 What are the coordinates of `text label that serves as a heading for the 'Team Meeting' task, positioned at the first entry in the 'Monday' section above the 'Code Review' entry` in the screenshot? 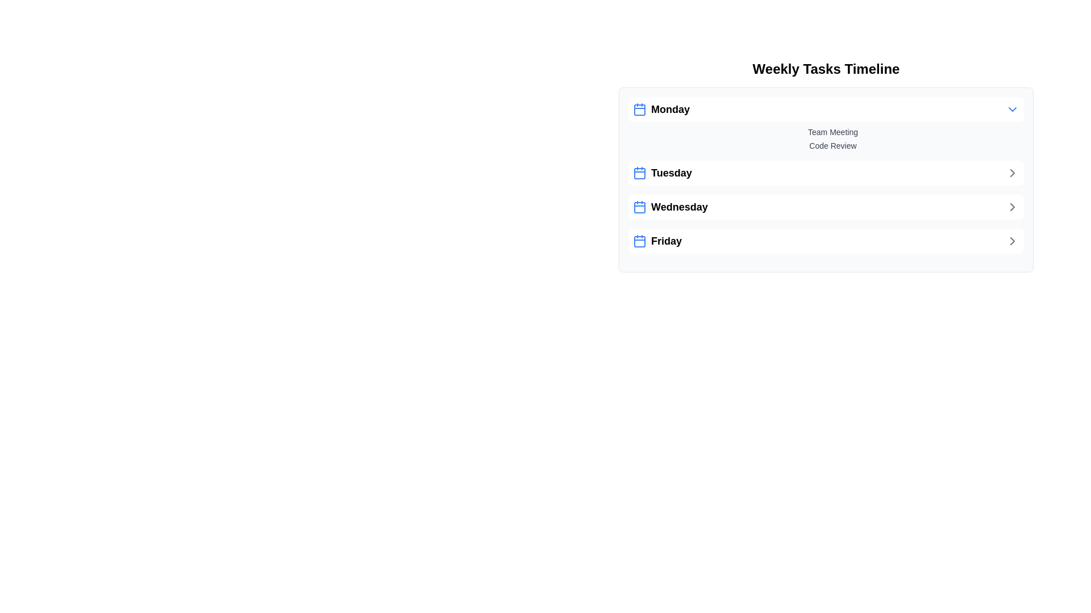 It's located at (832, 131).